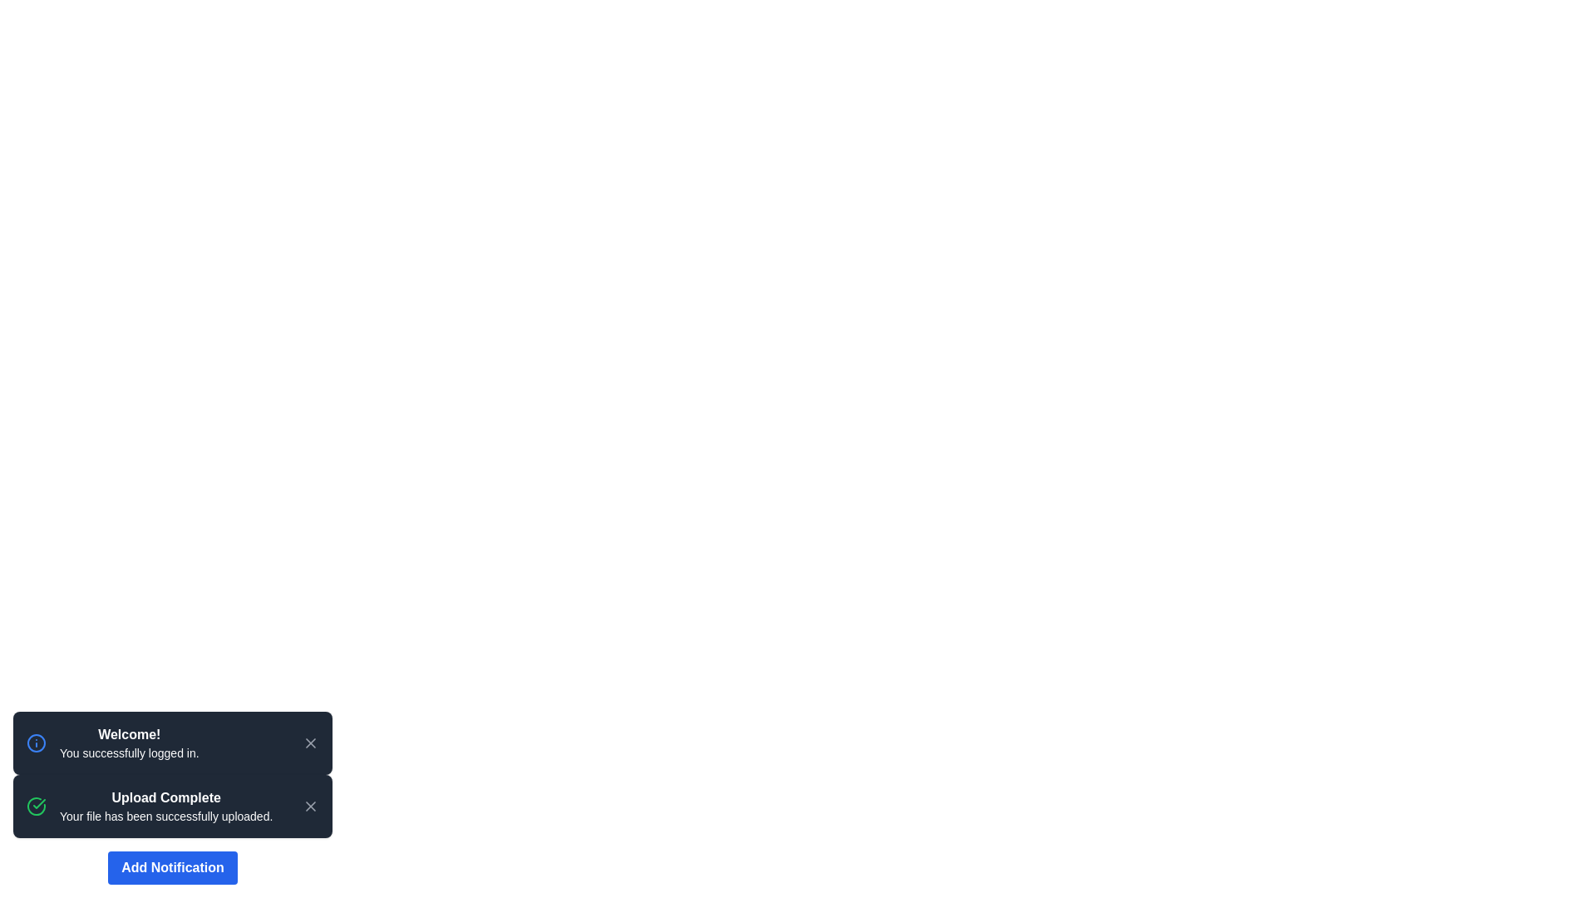 The image size is (1596, 898). Describe the element at coordinates (311, 805) in the screenshot. I see `the dismiss button located at the right end of the 'Upload Complete' notification box` at that location.